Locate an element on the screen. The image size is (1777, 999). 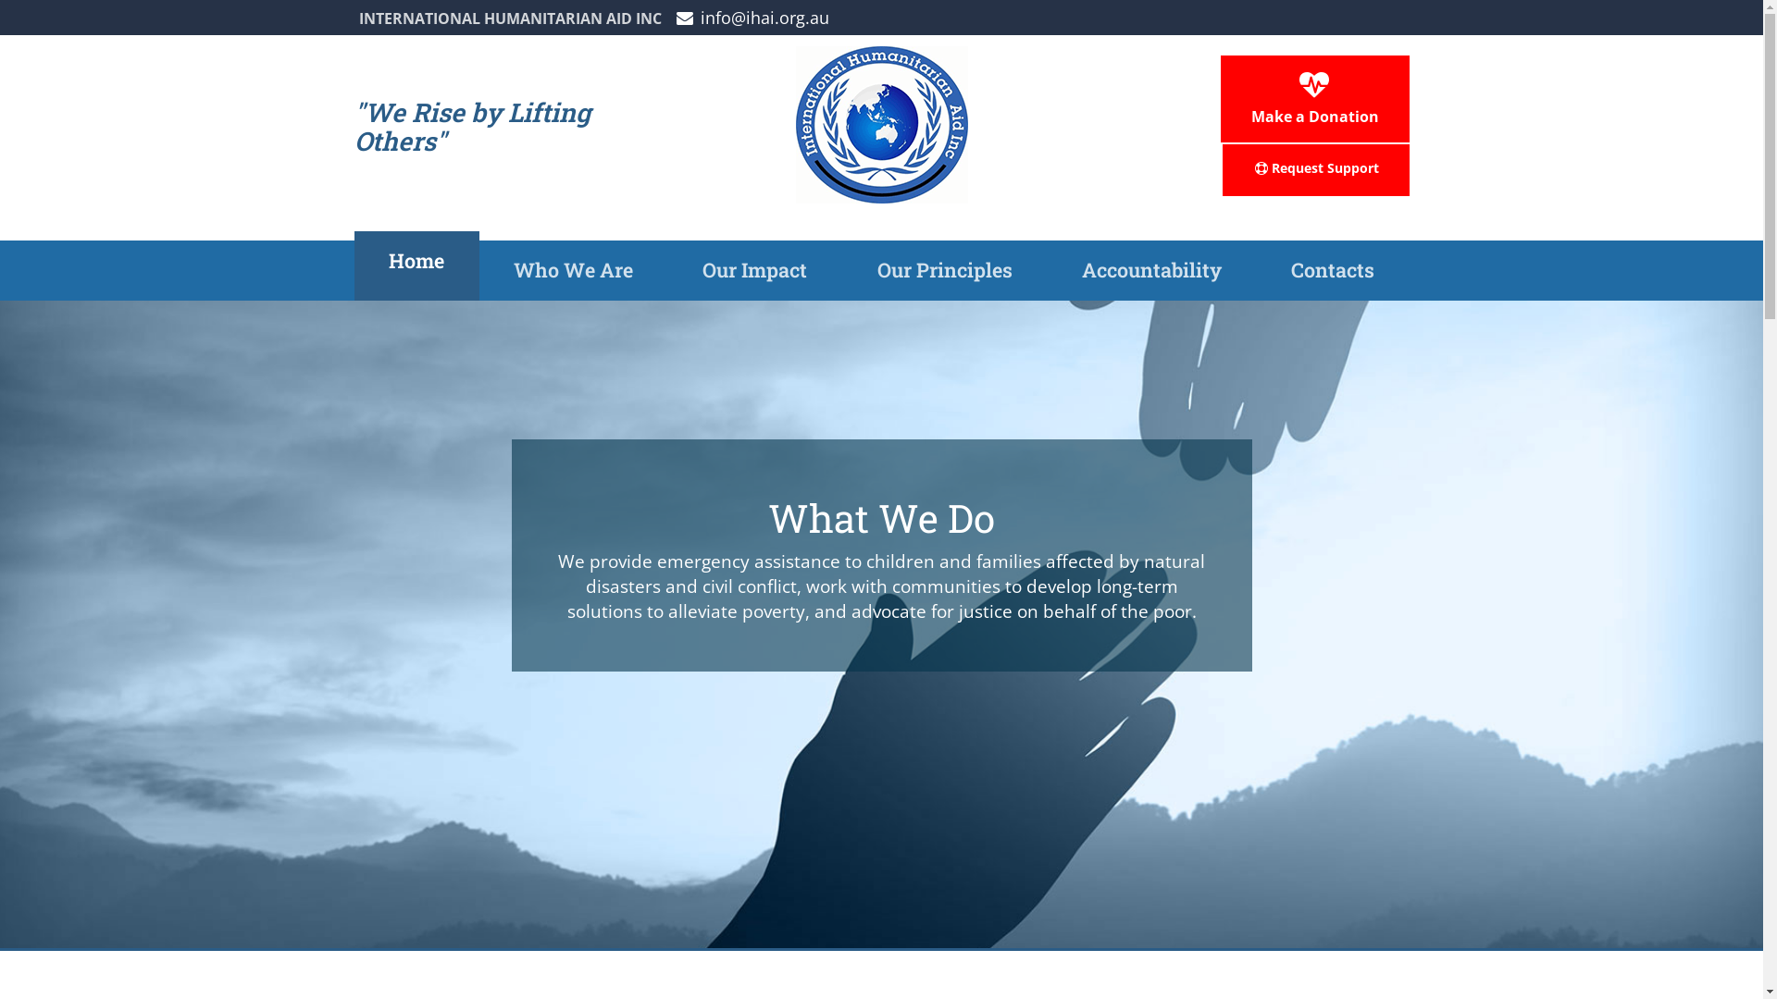
'Our Impact' is located at coordinates (666, 270).